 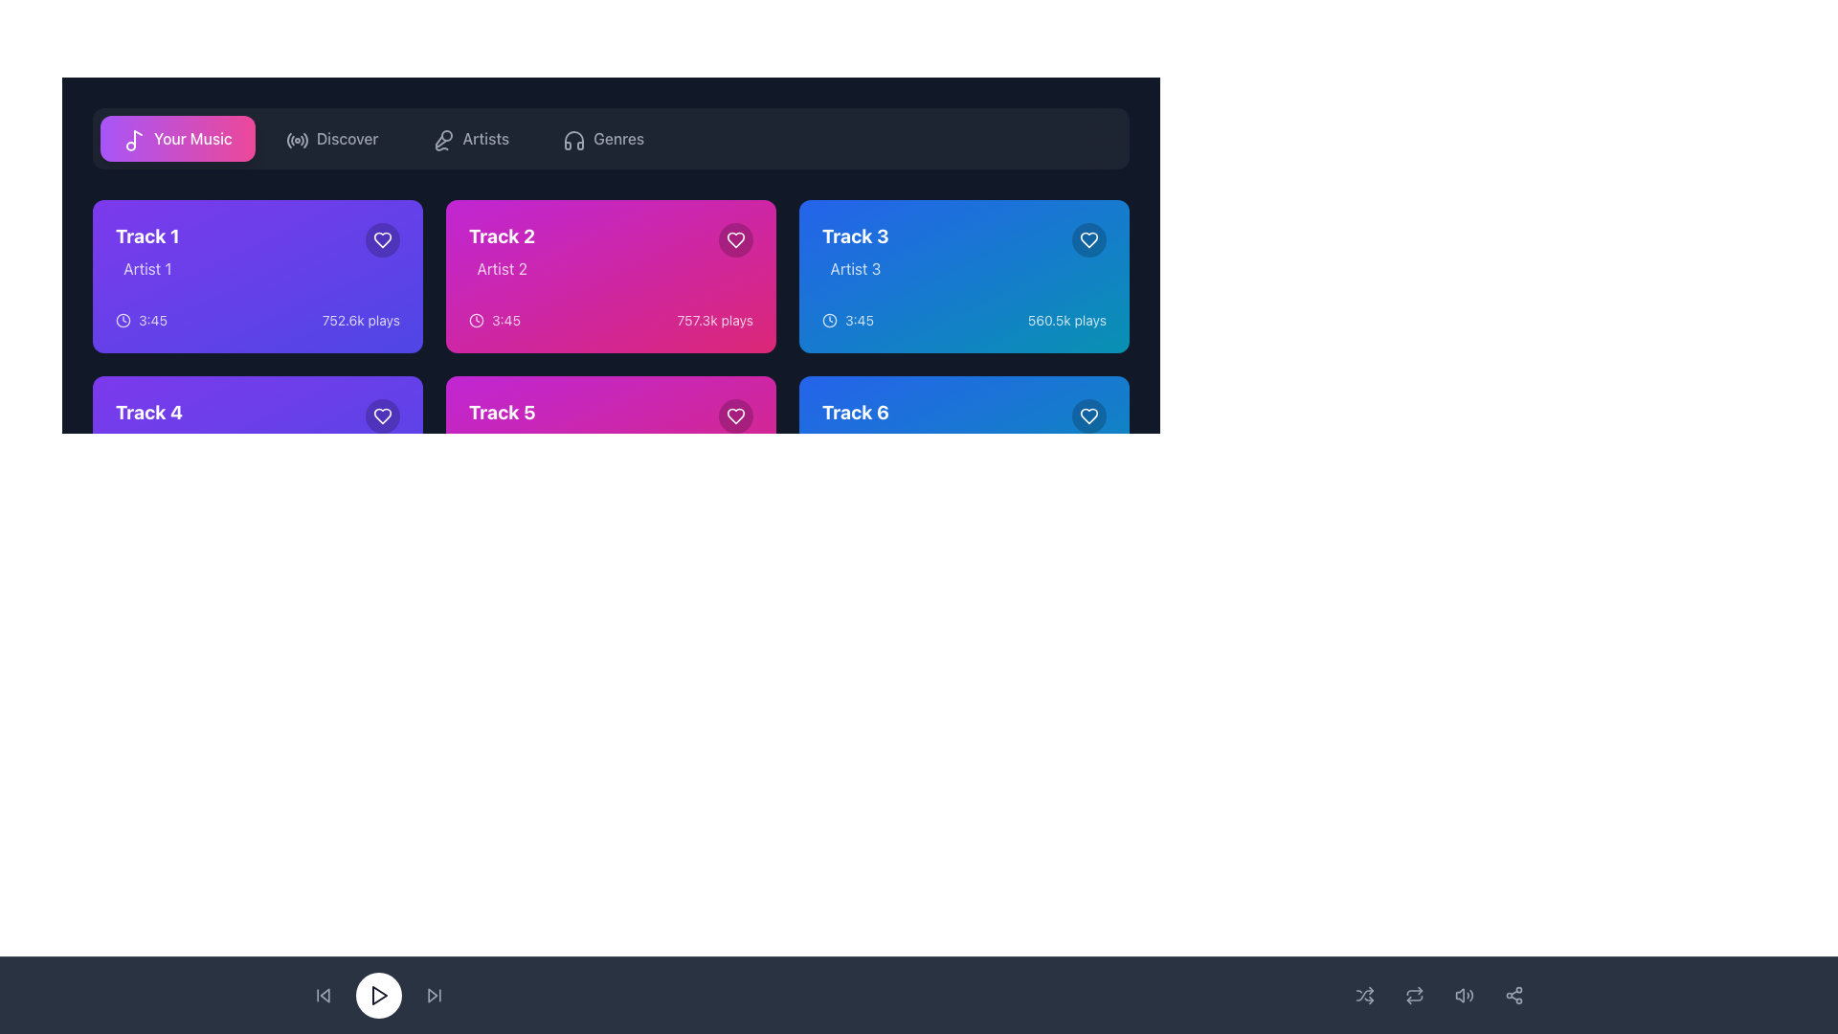 What do you see at coordinates (485, 138) in the screenshot?
I see `the text label 'Artists' in the navigation bar` at bounding box center [485, 138].